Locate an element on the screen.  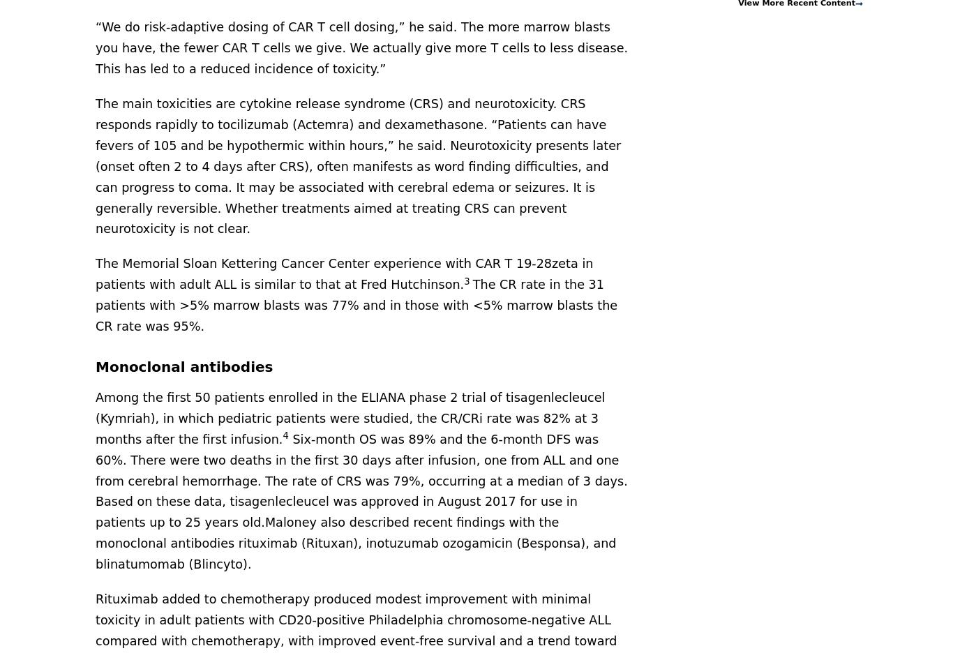
'Six-month OS was 89% and the 6-month DFS was 60%. There were two deaths in the first 30 days after infusion, one from ALL and one from cerebral hemorrhage. The rate of CRS was 79%, occurring at a median of 3 days. Based on these data, tisagenlecleucel was approved in August 2017 for use in patients up to 25 years old.' is located at coordinates (361, 480).